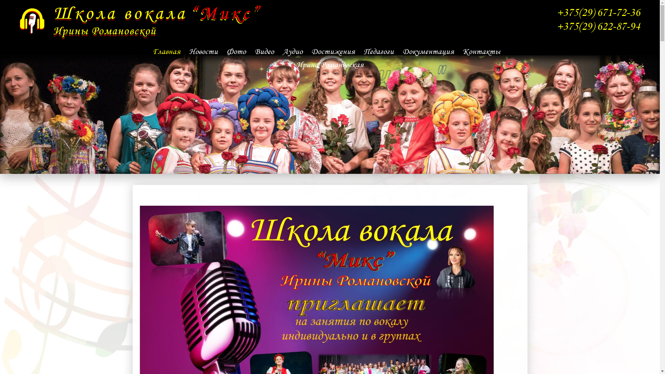 The image size is (665, 374). Describe the element at coordinates (557, 12) in the screenshot. I see `'+375(29) 671-72-36'` at that location.